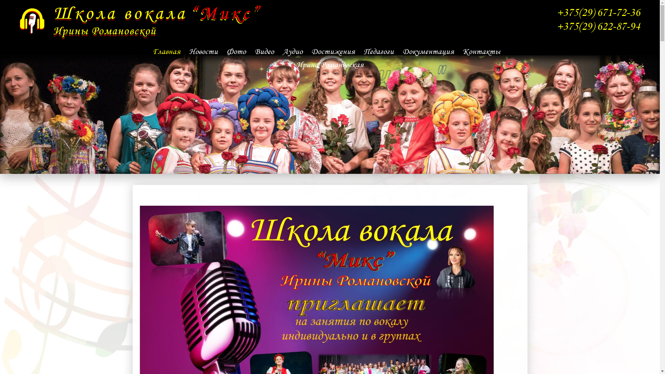 The image size is (665, 374). Describe the element at coordinates (557, 12) in the screenshot. I see `'+375(29) 671-72-36'` at that location.